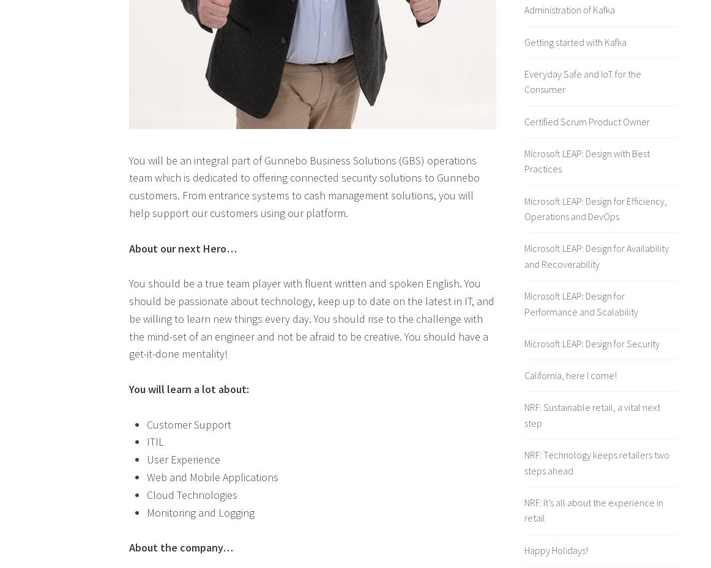  I want to click on 'You will be an integral part of Gunnebo Business Solutions (GBS) operations team which is dedicated to offering connected security solutions to Gunnebo customers. From entrance systems to cash management solutions, you will help support our customers using our platform.', so click(128, 186).